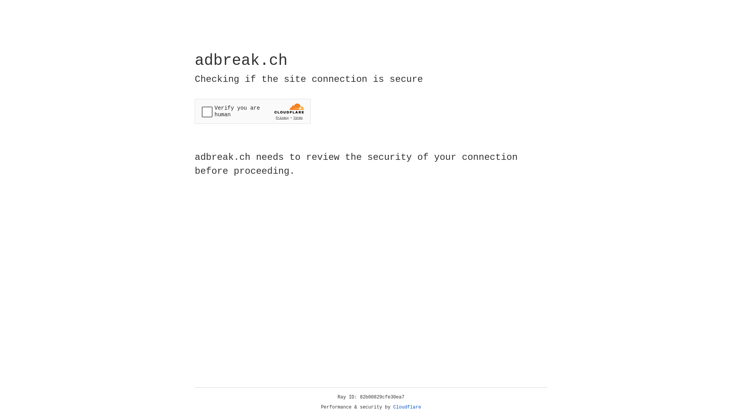 Image resolution: width=742 pixels, height=417 pixels. I want to click on 'Widget containing a Cloudflare security challenge', so click(252, 111).